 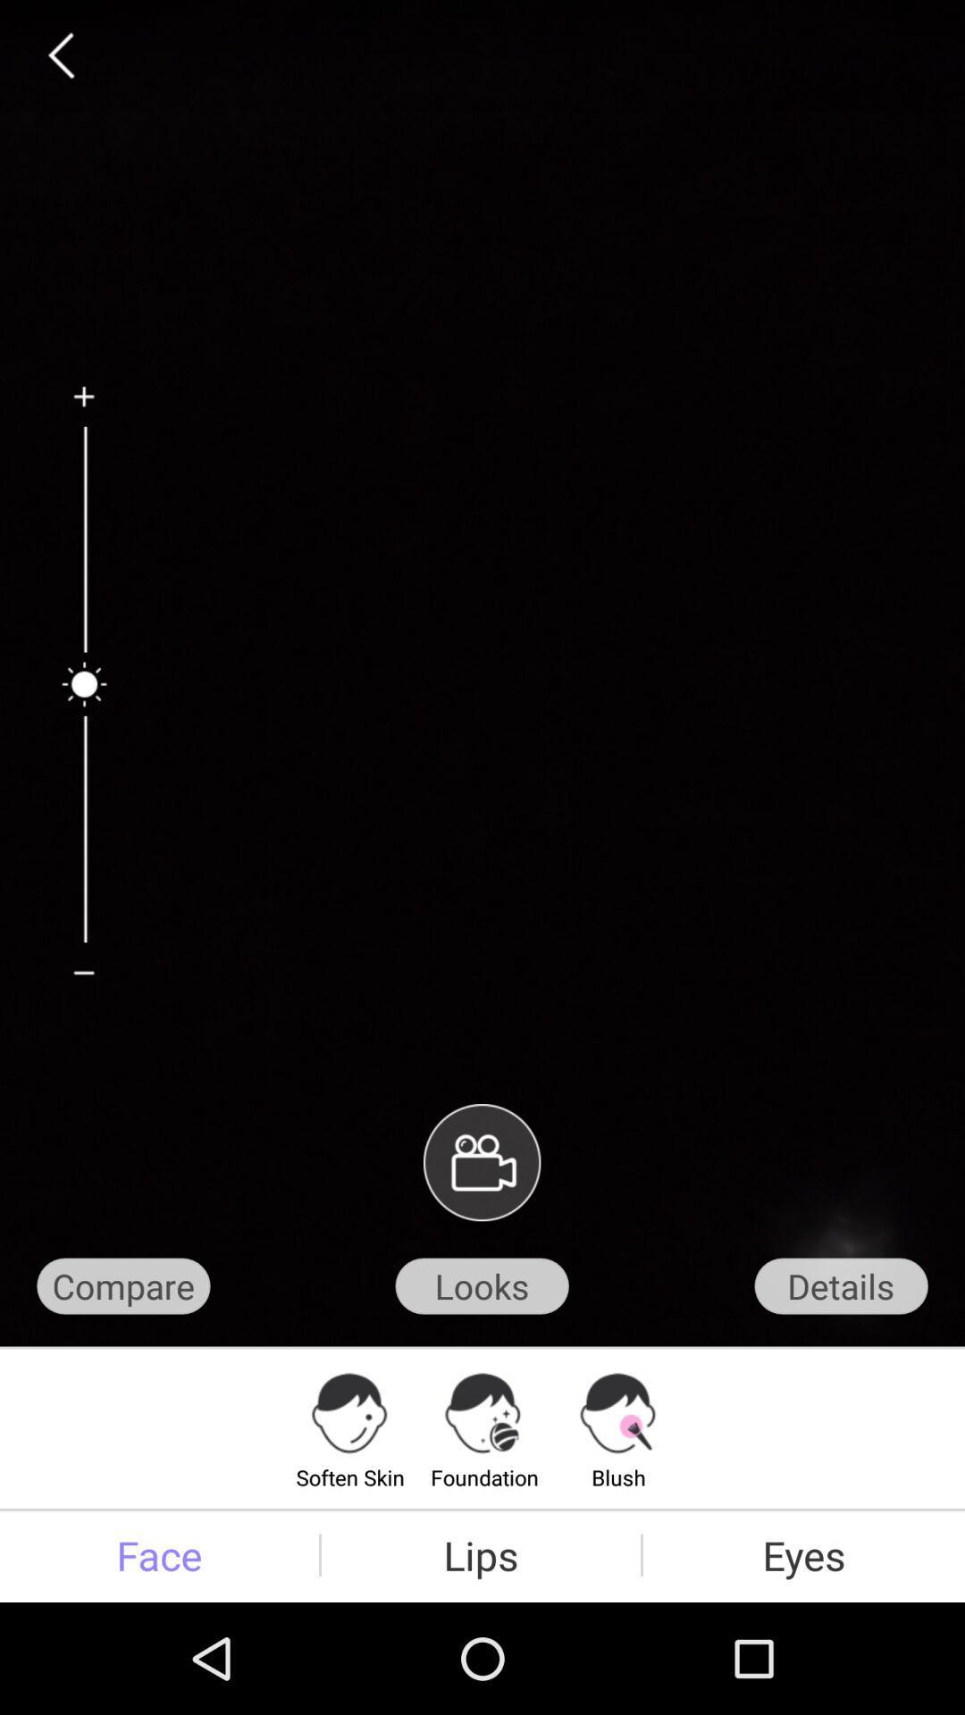 I want to click on icon on top of text soften skin, so click(x=350, y=1412).